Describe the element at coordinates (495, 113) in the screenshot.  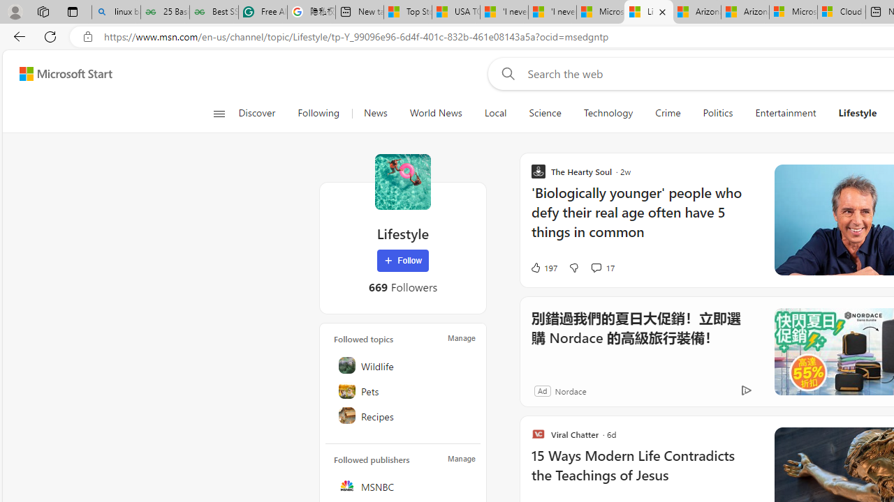
I see `'Local'` at that location.